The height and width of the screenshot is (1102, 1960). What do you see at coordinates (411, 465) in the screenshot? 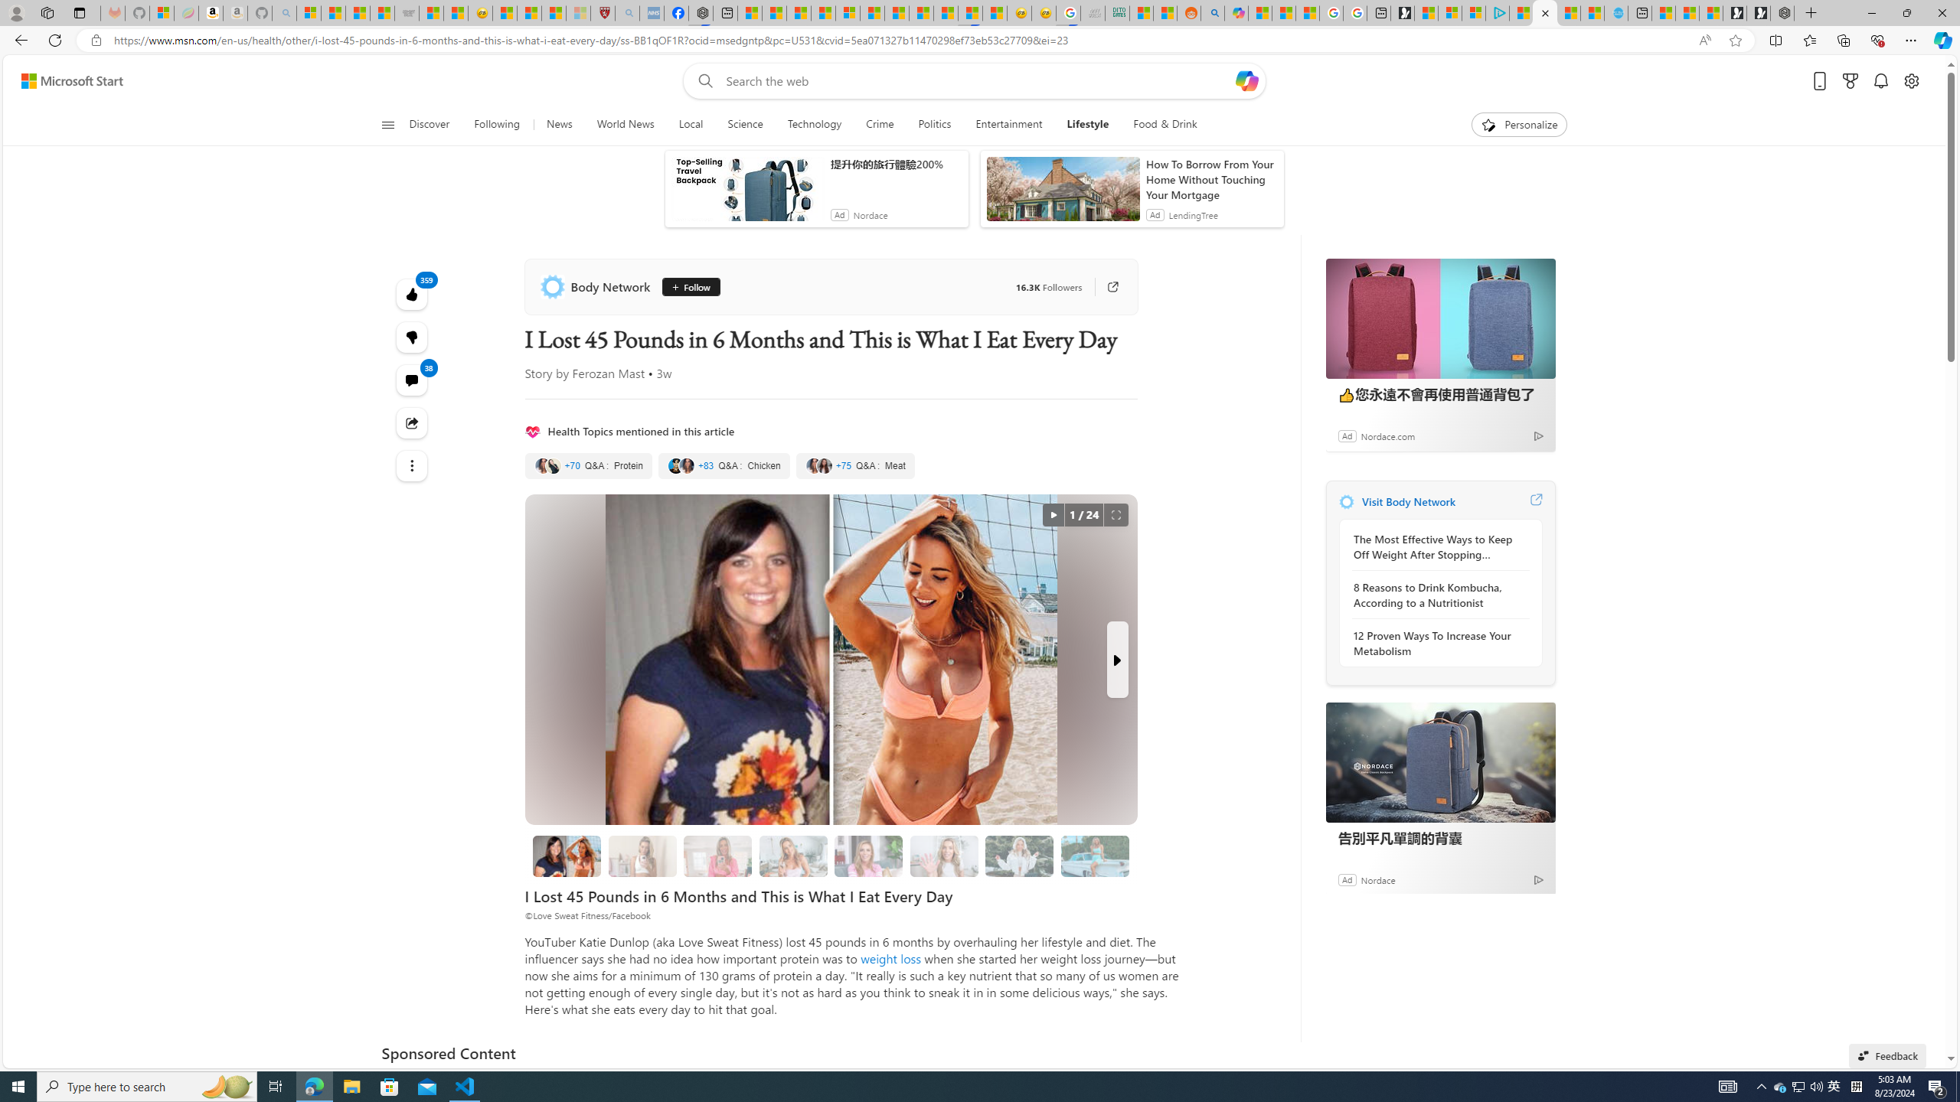
I see `'Class: at-item'` at bounding box center [411, 465].